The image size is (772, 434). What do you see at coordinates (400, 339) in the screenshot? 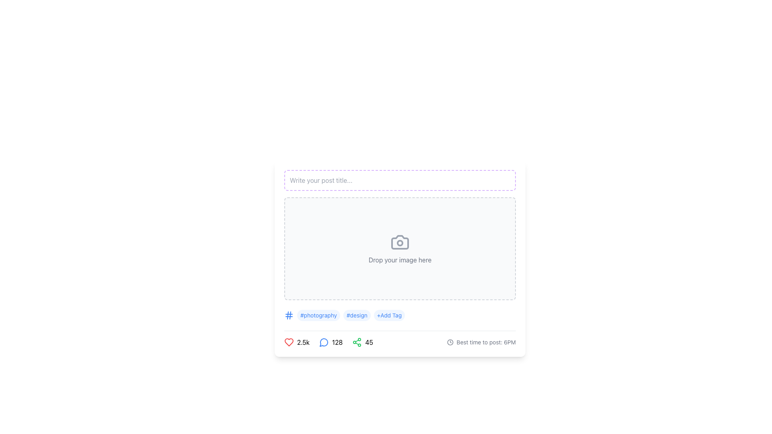
I see `the metrics icons located on the Metrics and suggestion display bar at the bottom of the card layout to interact with likes, comments, or shares` at bounding box center [400, 339].